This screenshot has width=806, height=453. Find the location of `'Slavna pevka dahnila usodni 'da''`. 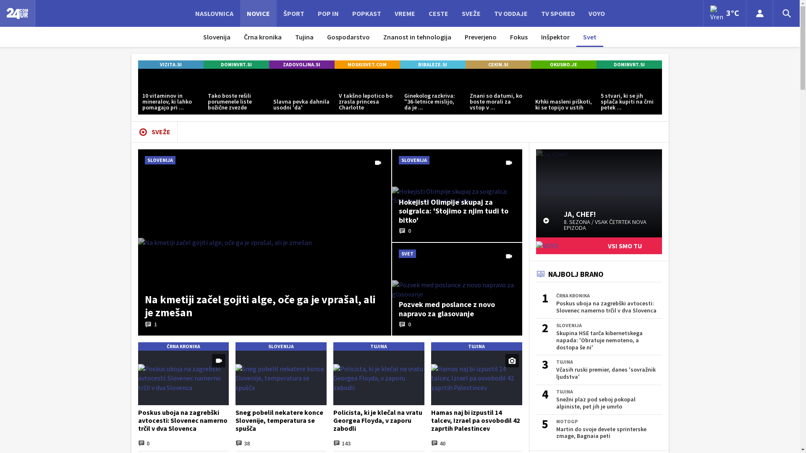

'Slavna pevka dahnila usodni 'da'' is located at coordinates (301, 91).